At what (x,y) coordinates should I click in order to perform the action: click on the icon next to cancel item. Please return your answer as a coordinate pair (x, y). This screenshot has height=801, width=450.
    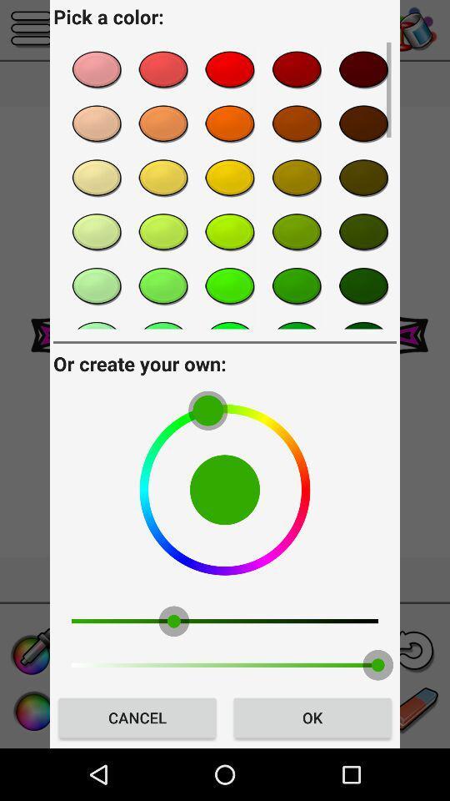
    Looking at the image, I should click on (312, 717).